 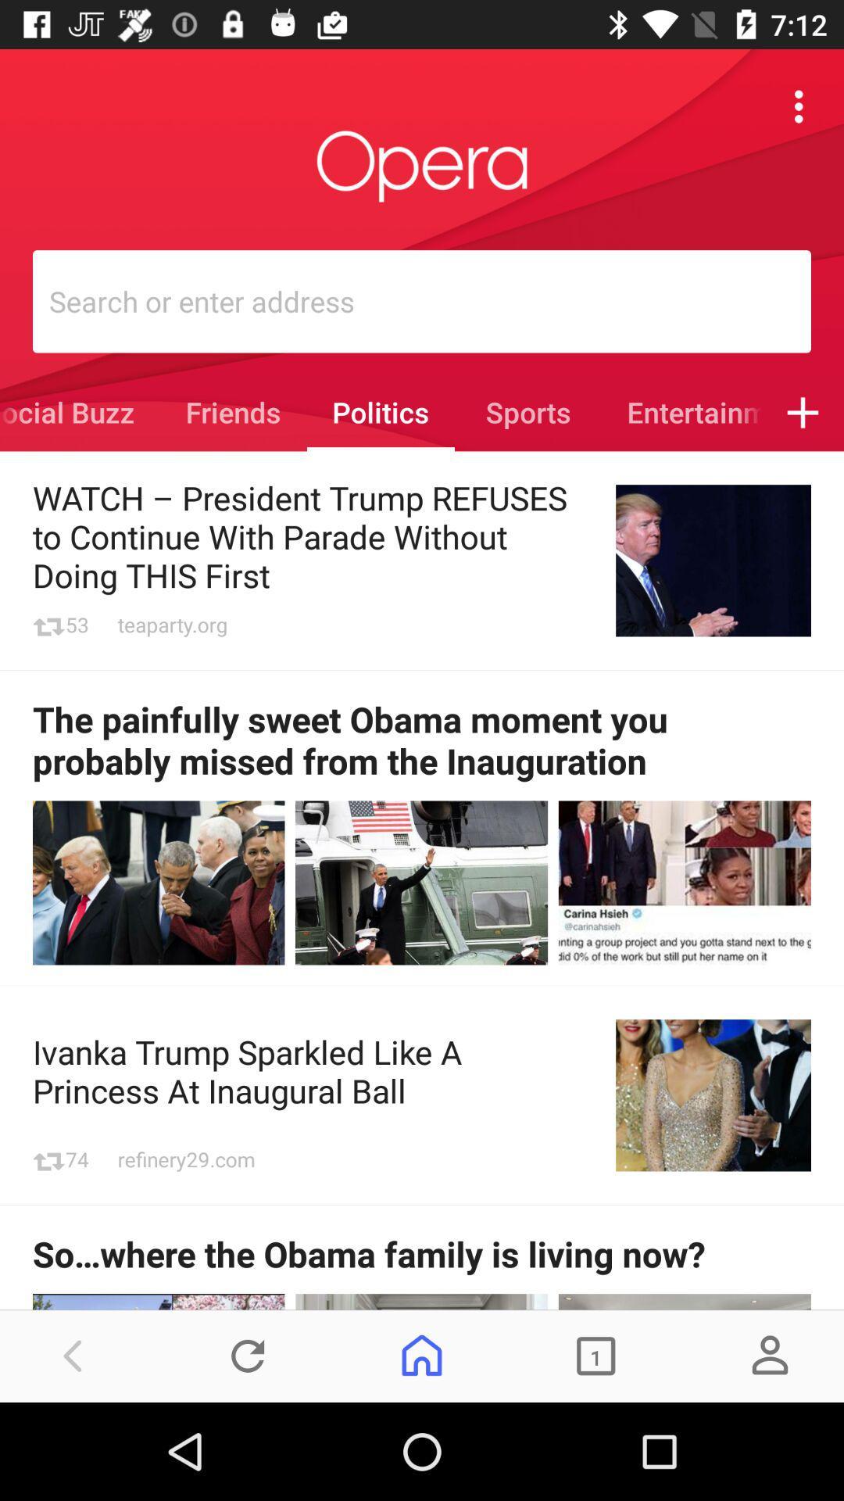 I want to click on the home icon, so click(x=422, y=1355).